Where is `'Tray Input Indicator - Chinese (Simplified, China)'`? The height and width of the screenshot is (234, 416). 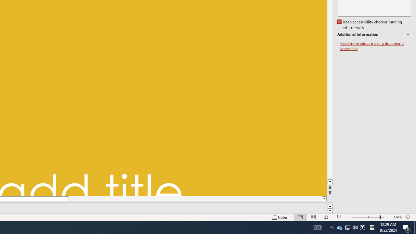
'Tray Input Indicator - Chinese (Simplified, China)' is located at coordinates (366, 217).